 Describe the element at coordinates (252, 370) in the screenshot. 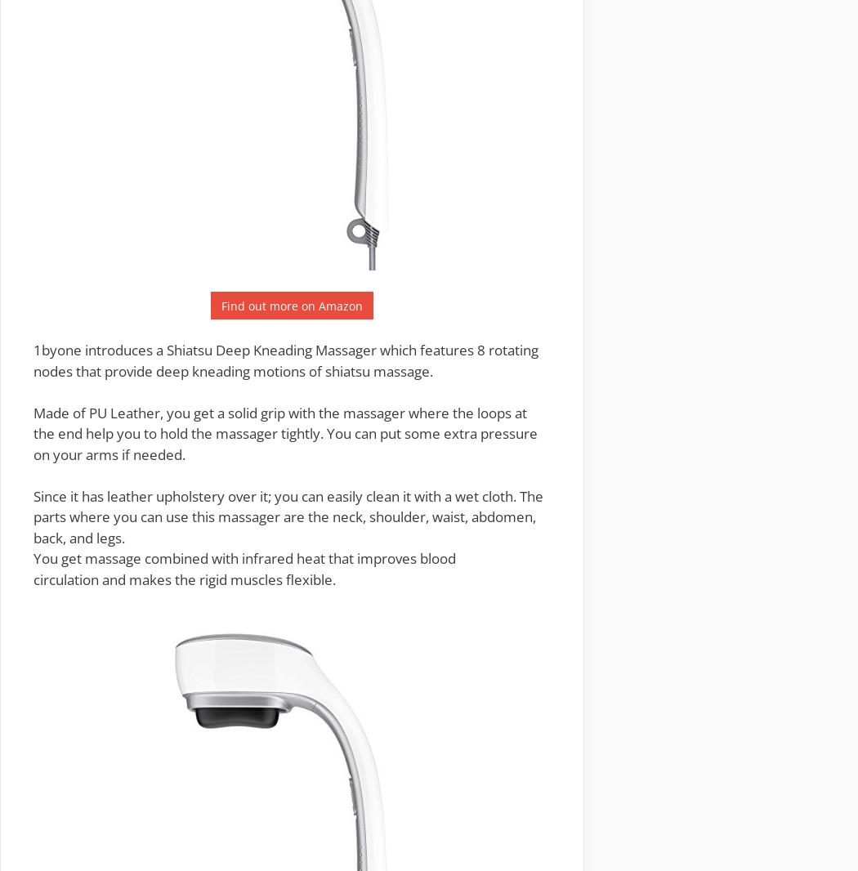

I see `'that provide deep kneading motions of shiatsu massage.'` at that location.